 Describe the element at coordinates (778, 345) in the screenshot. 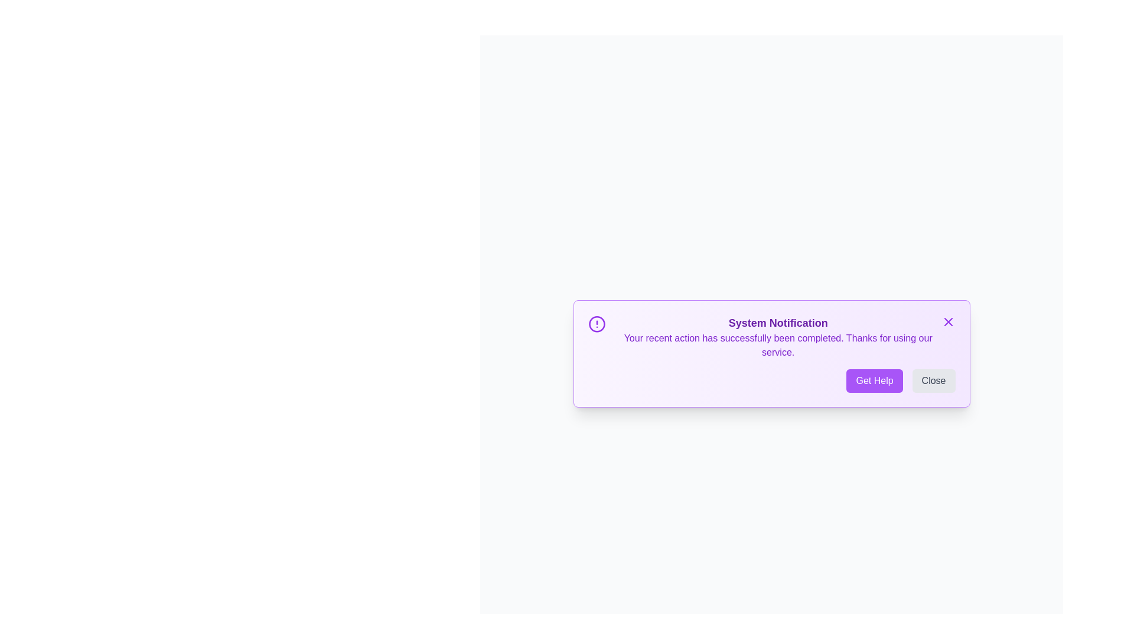

I see `text message that says 'Your recent action has successfully been completed. Thanks for using our service.' located beneath the 'System Notification' header in the purple notification card` at that location.